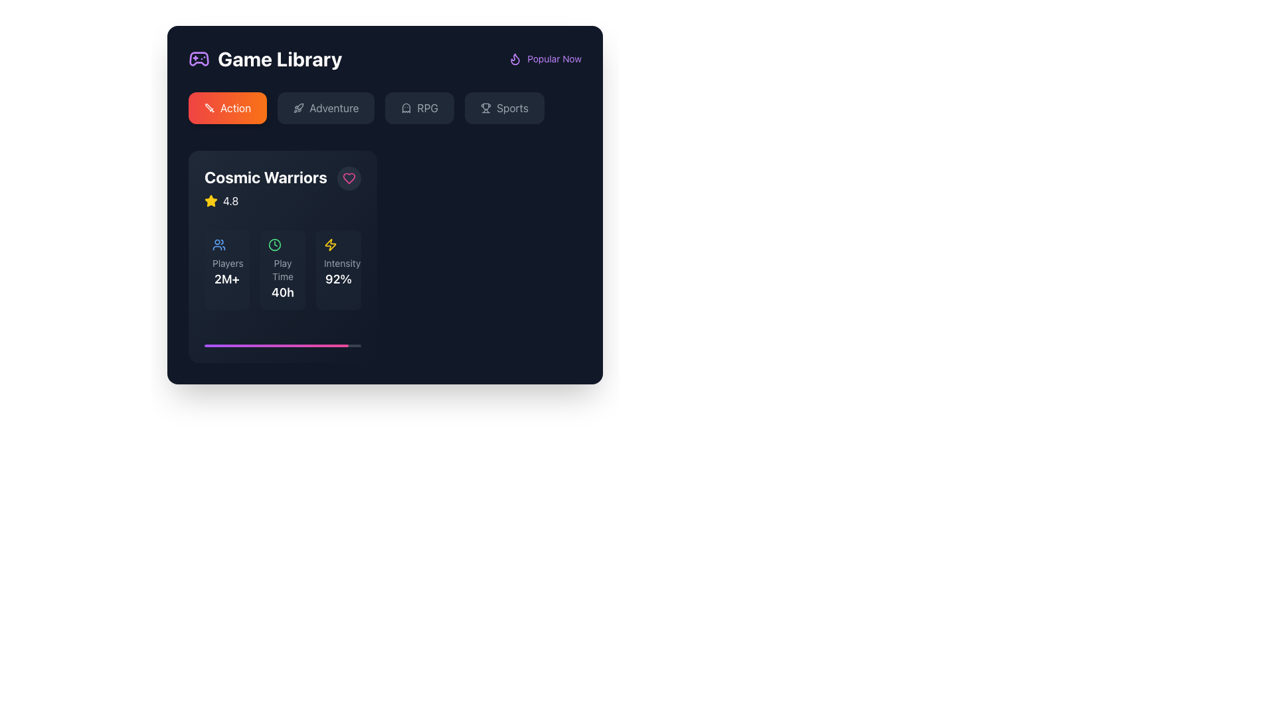 The image size is (1275, 717). I want to click on the category selector in the navigation bar, so click(384, 110).